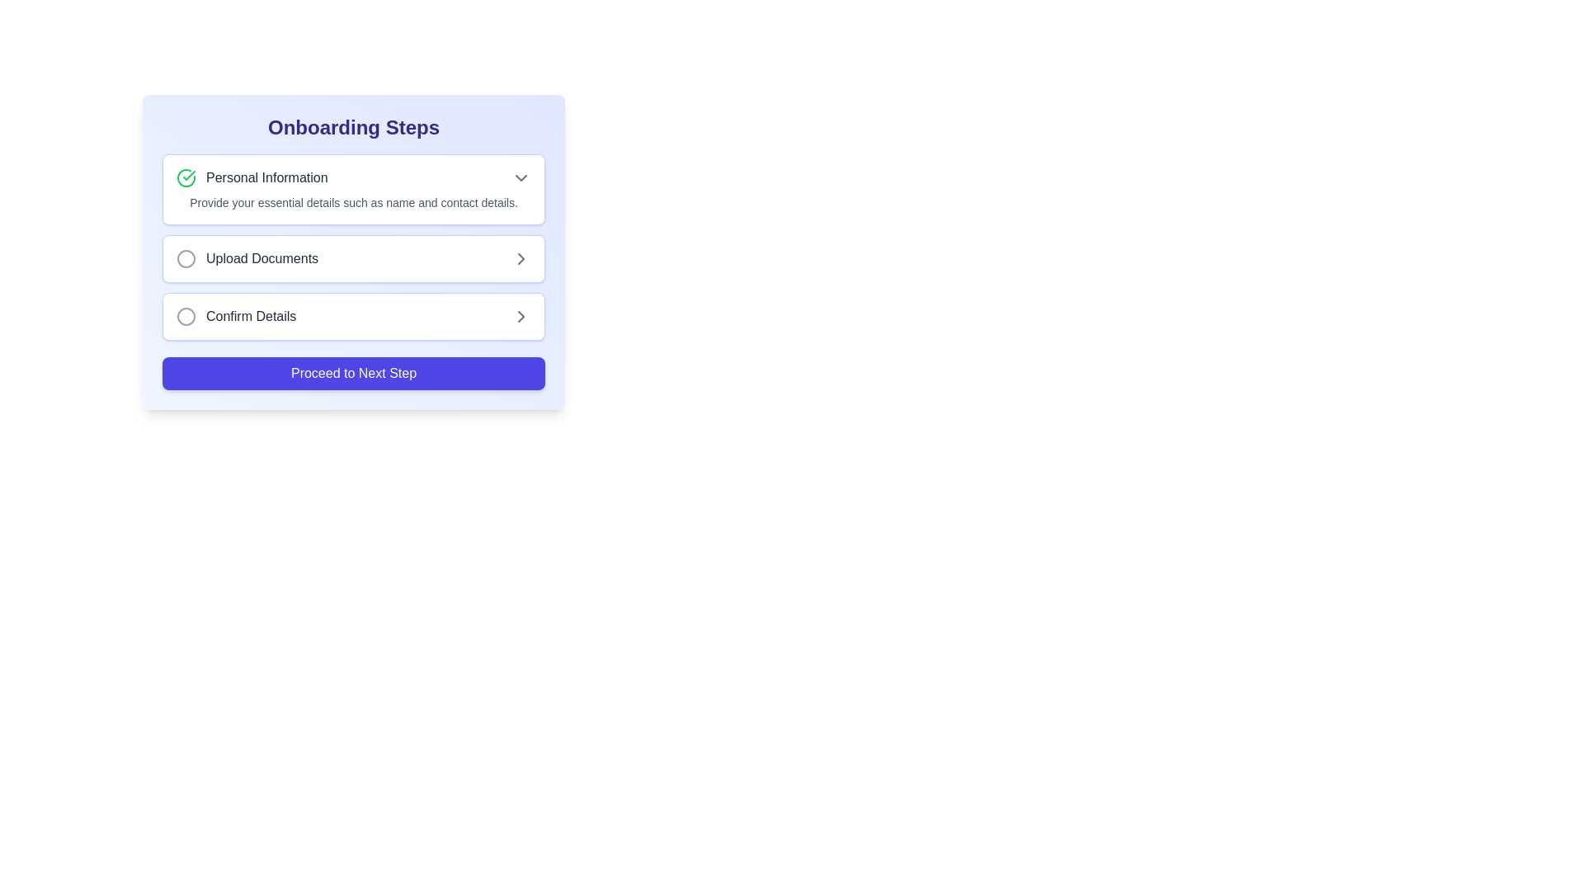  Describe the element at coordinates (251, 178) in the screenshot. I see `the 'Personal Information' section header, which is styled with a bold font and preceded by a green checkmark icon` at that location.